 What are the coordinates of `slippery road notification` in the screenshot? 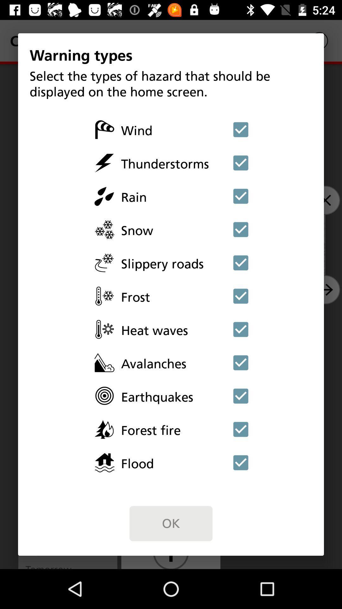 It's located at (241, 263).